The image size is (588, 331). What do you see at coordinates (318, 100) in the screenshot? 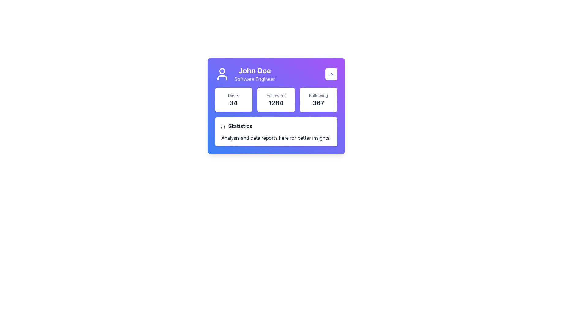
I see `the informational card displaying the number of accounts the user is following, labeled 'Following' with the count '367', located at the top-middle section of the interface` at bounding box center [318, 100].